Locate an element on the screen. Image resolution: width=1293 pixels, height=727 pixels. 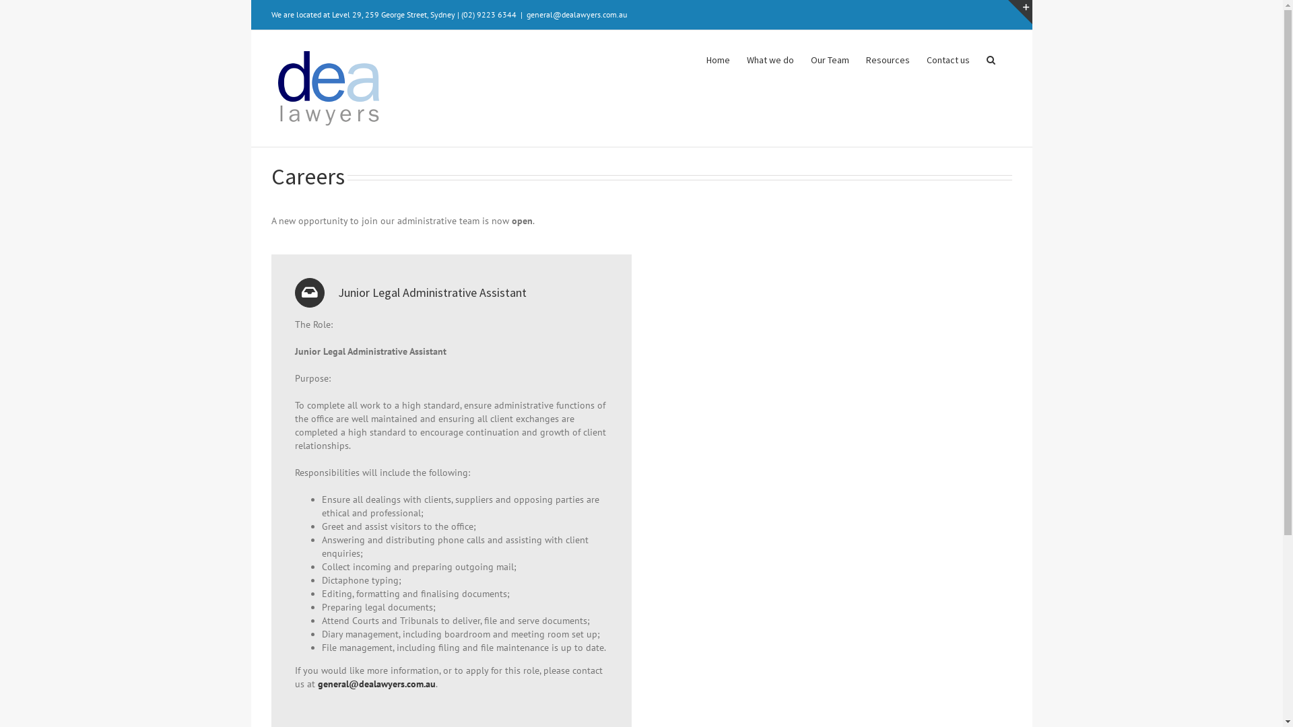
'Our Team' is located at coordinates (829, 58).